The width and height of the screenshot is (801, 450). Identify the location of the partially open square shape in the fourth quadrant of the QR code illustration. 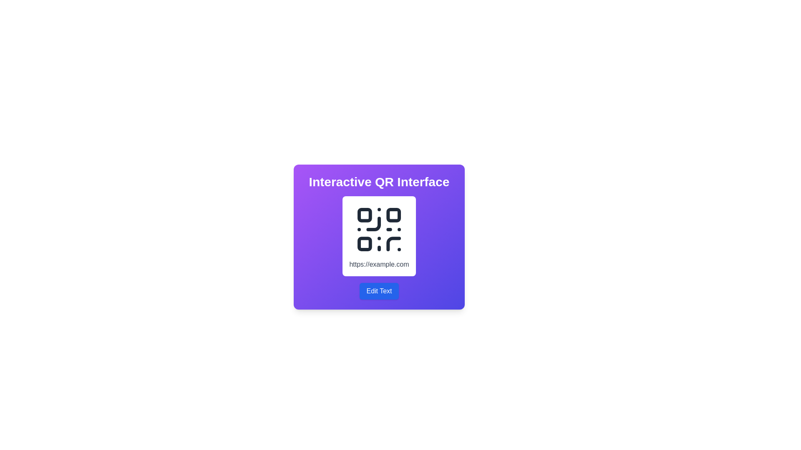
(393, 244).